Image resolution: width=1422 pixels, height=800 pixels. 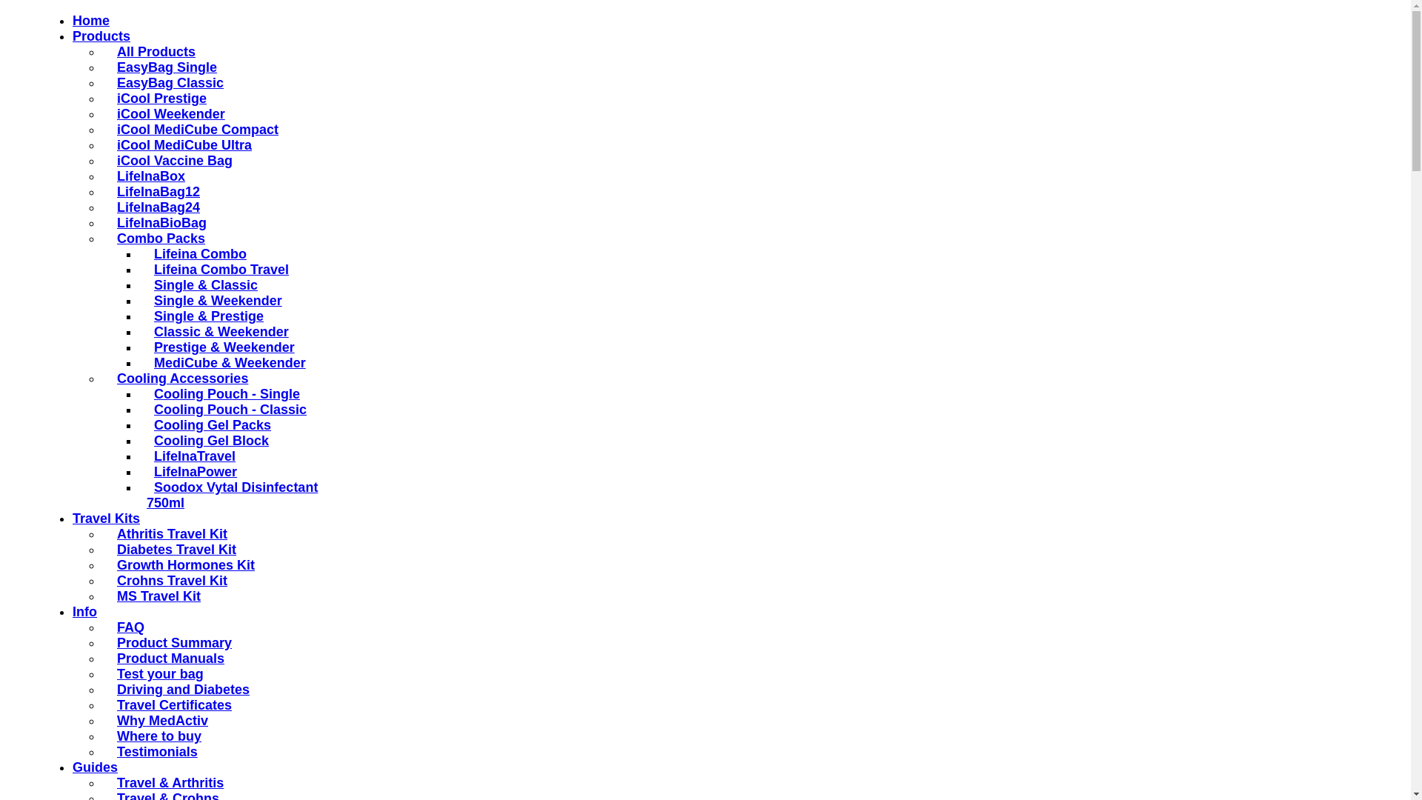 What do you see at coordinates (94, 767) in the screenshot?
I see `'Guides'` at bounding box center [94, 767].